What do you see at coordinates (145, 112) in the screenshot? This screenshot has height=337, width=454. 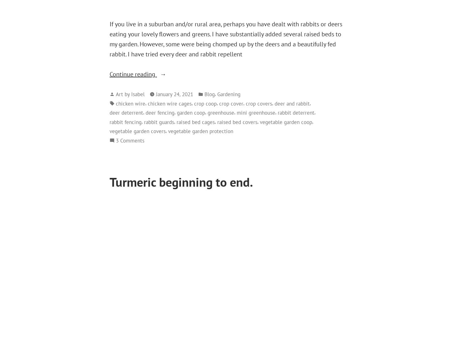 I see `'deer fencing'` at bounding box center [145, 112].